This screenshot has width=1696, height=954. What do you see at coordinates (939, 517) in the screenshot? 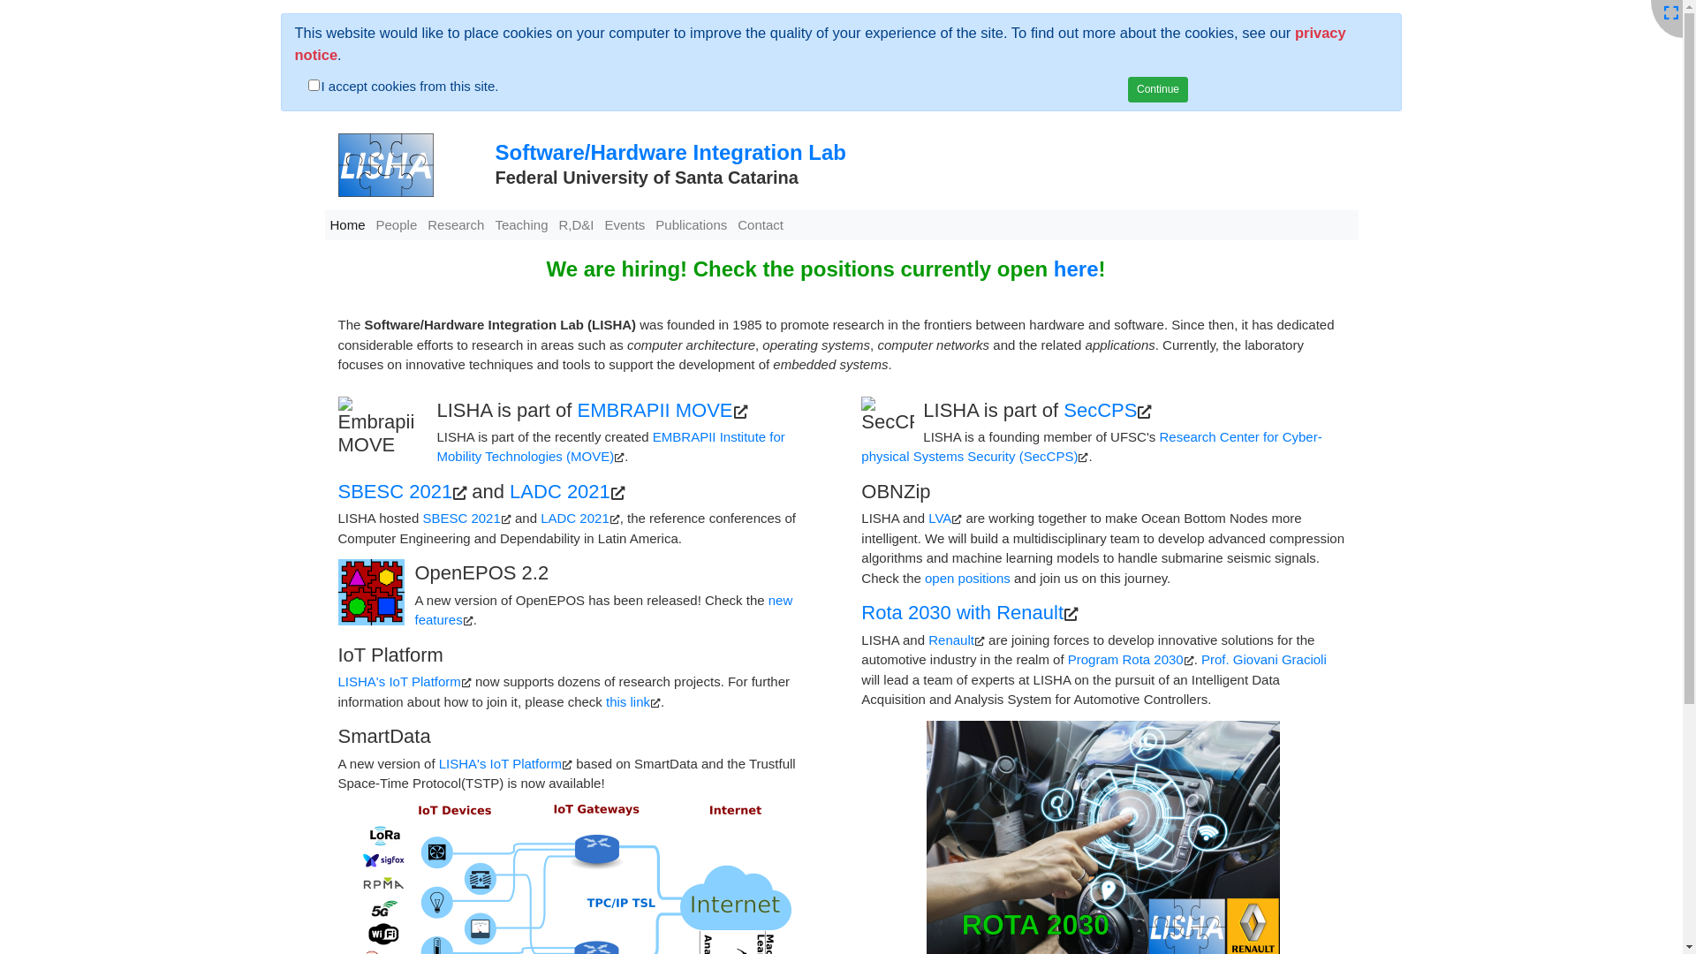
I see `'LVA'` at bounding box center [939, 517].